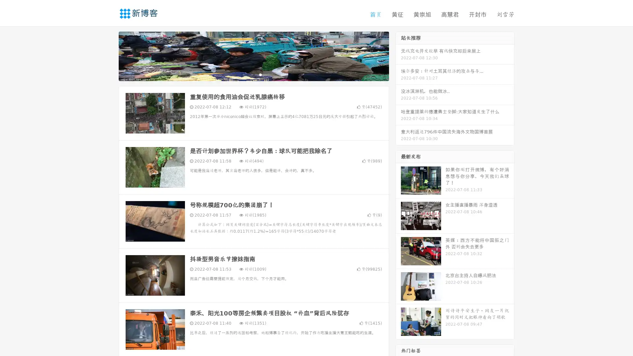 This screenshot has height=356, width=633. What do you see at coordinates (253, 74) in the screenshot?
I see `Go to slide 2` at bounding box center [253, 74].